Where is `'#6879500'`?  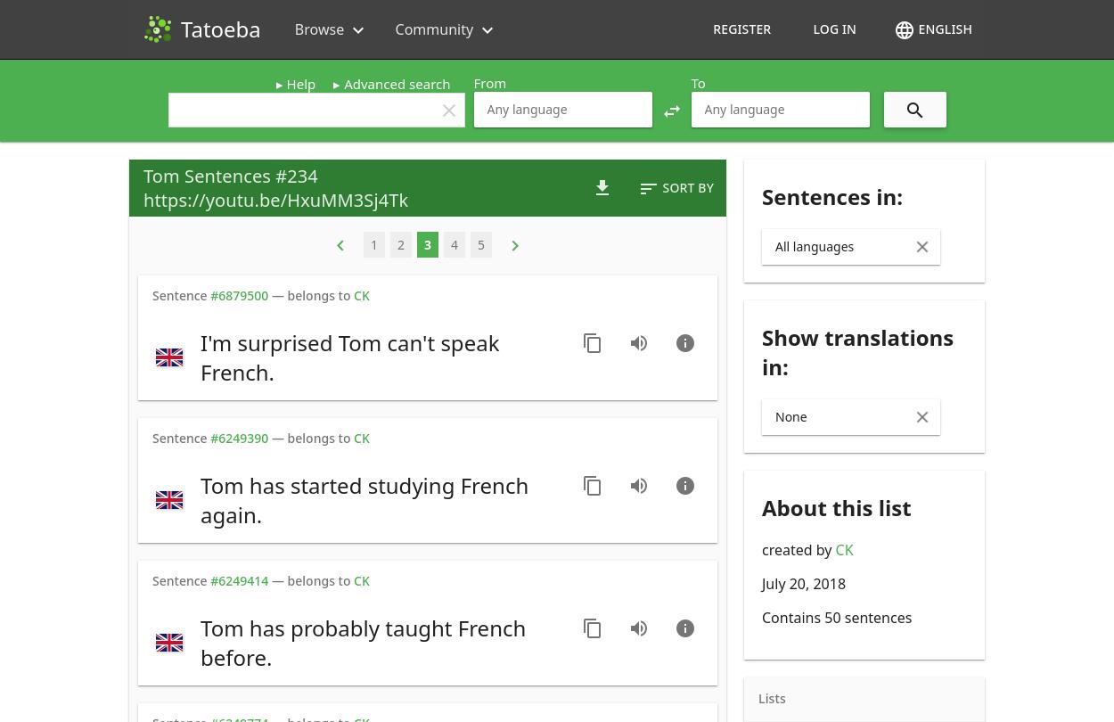
'#6879500' is located at coordinates (239, 294).